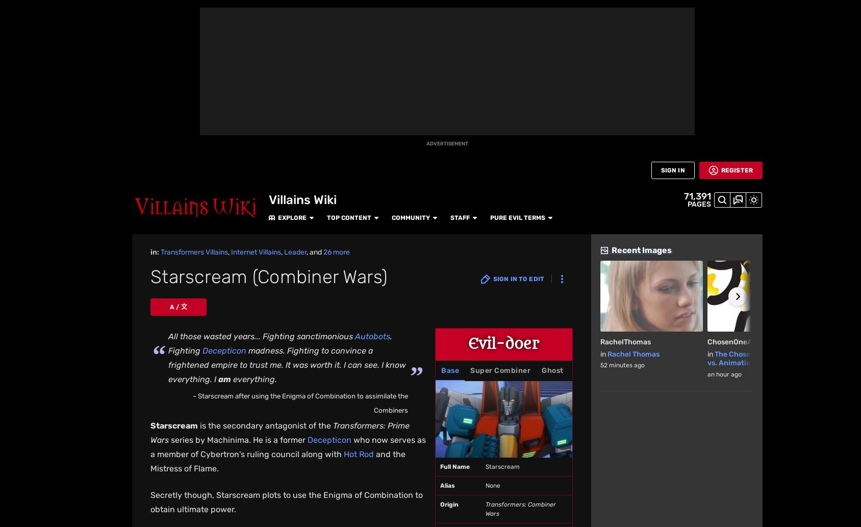 The width and height of the screenshot is (861, 527). What do you see at coordinates (359, 190) in the screenshot?
I see `'Trypticon later ate Victorion, consuming the Enigma of Combination along with her and allowing him to mind control the other Combiners to attack Fortress Maximus. However, Perceptor tricked Trypticon into eating him and the Enigma of Combination, resulting in Trypticon being forced to spit out Victorion and the Enigma, as well as Perceptor and the Matrix. The reaction also freed Starscream's spirit, revealing him as the one controlling Trypticon. Megatron angrily asked if Starscream could stay dead, prompting Starscream to say in return that he felt "reborn" before disappearing.'` at bounding box center [359, 190].